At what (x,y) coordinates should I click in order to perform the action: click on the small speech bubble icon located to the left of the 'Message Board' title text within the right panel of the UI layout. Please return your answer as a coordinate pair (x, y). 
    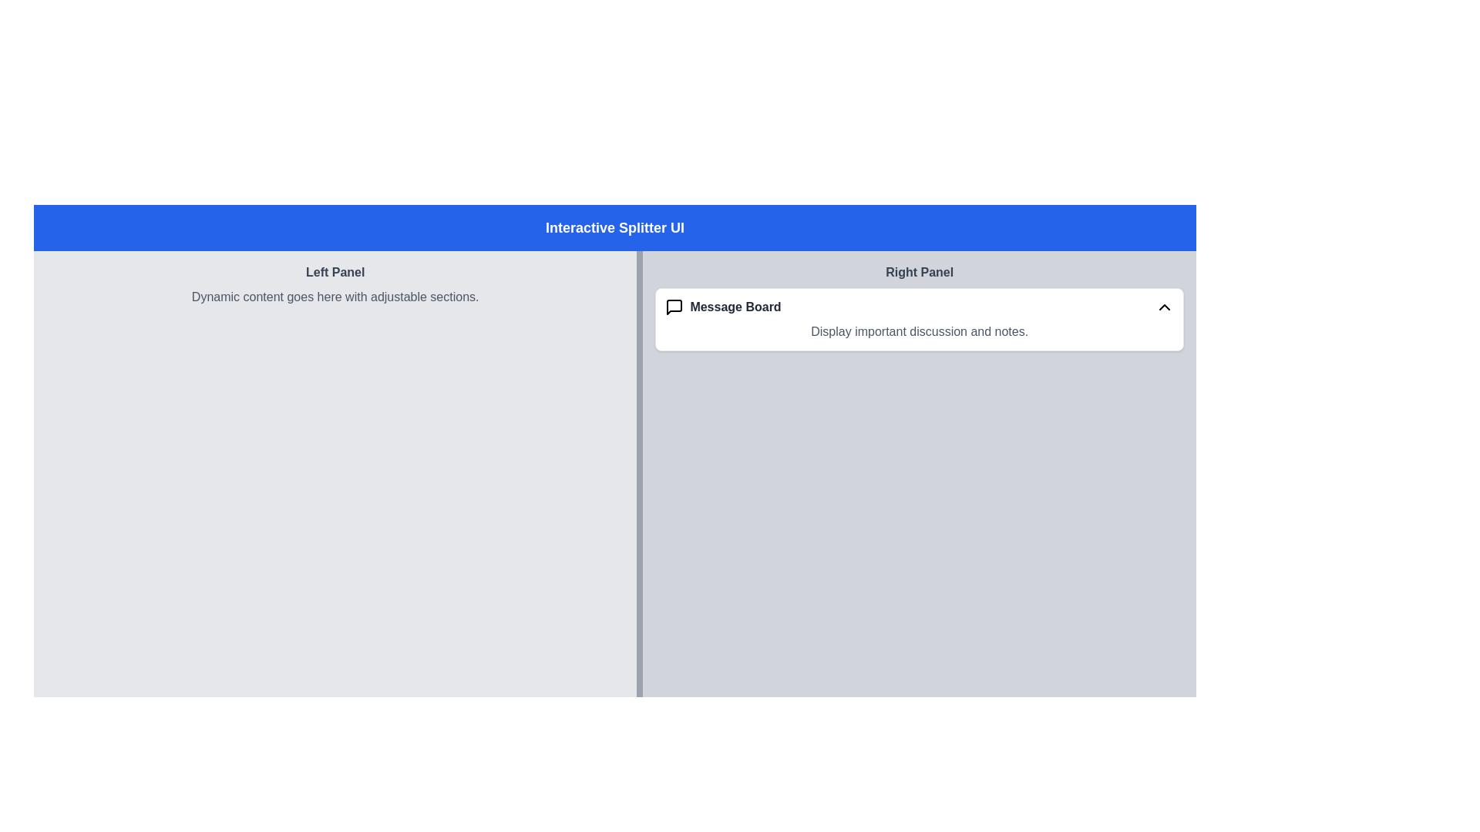
    Looking at the image, I should click on (674, 307).